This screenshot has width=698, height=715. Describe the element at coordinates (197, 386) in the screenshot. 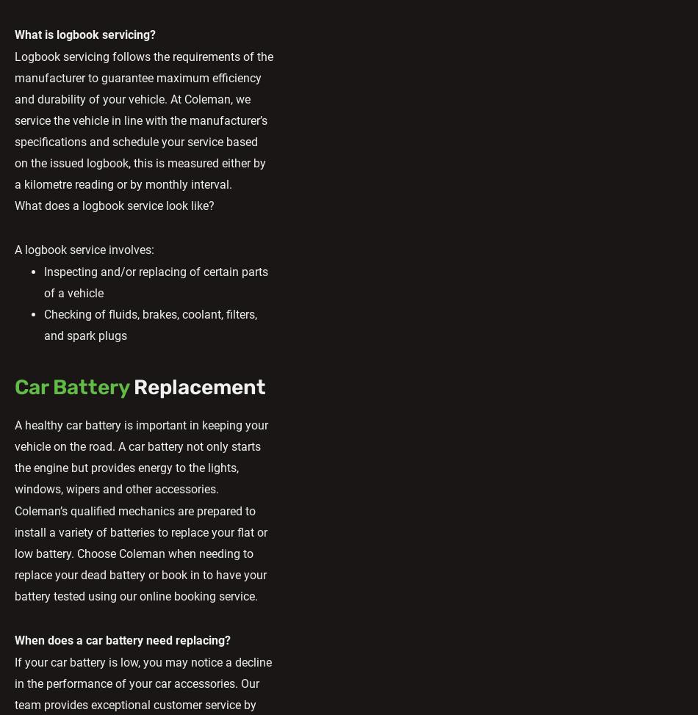

I see `'Replacement'` at that location.